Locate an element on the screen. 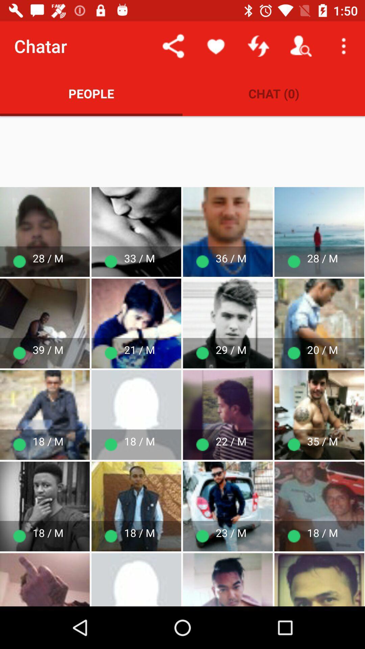 The width and height of the screenshot is (365, 649). the app above the chat (0) is located at coordinates (258, 46).